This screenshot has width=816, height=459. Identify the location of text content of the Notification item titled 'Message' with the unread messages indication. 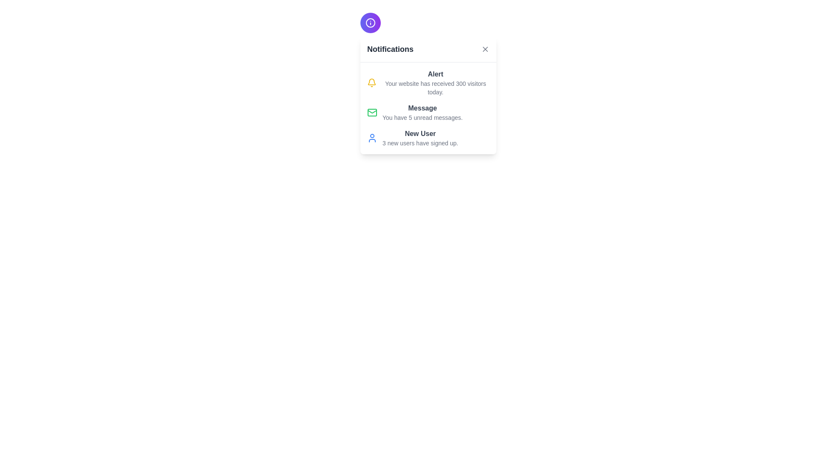
(428, 112).